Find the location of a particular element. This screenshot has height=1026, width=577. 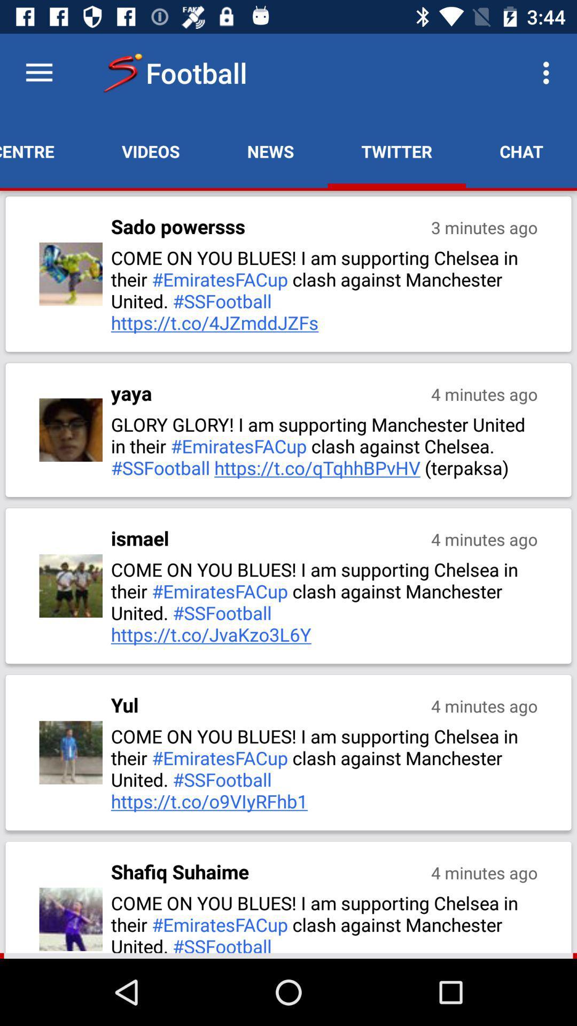

the item below yaya is located at coordinates (325, 446).